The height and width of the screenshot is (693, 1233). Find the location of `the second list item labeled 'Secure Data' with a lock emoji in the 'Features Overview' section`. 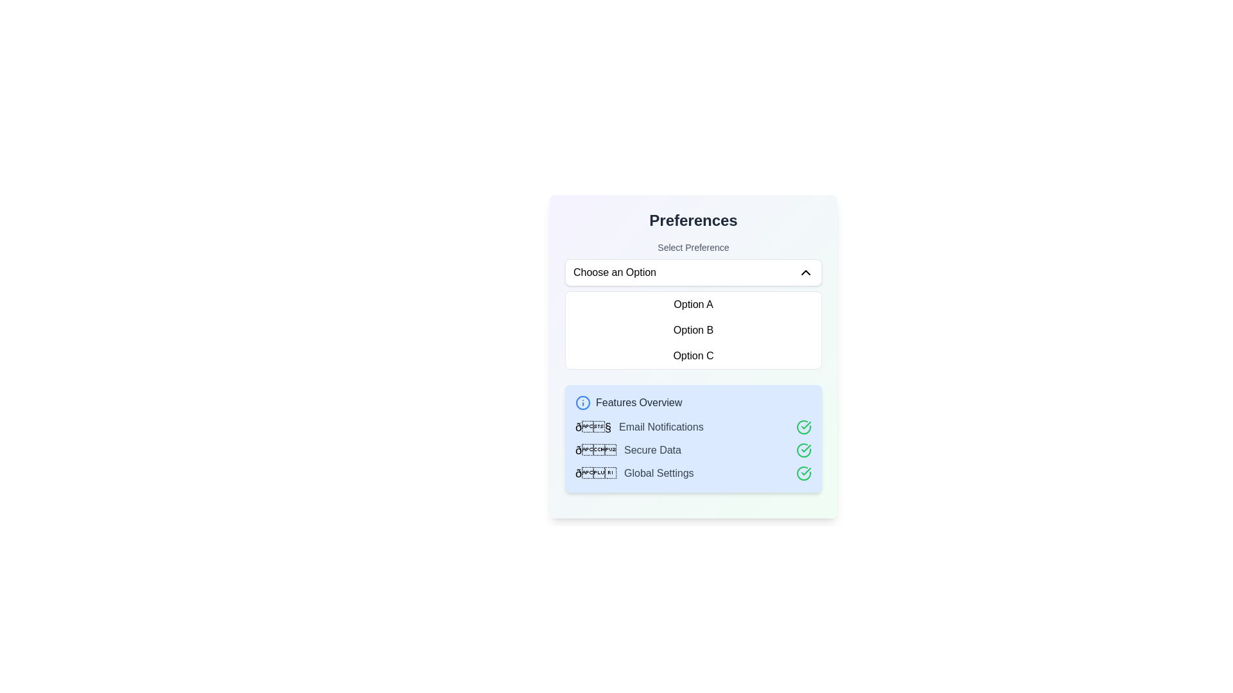

the second list item labeled 'Secure Data' with a lock emoji in the 'Features Overview' section is located at coordinates (693, 450).